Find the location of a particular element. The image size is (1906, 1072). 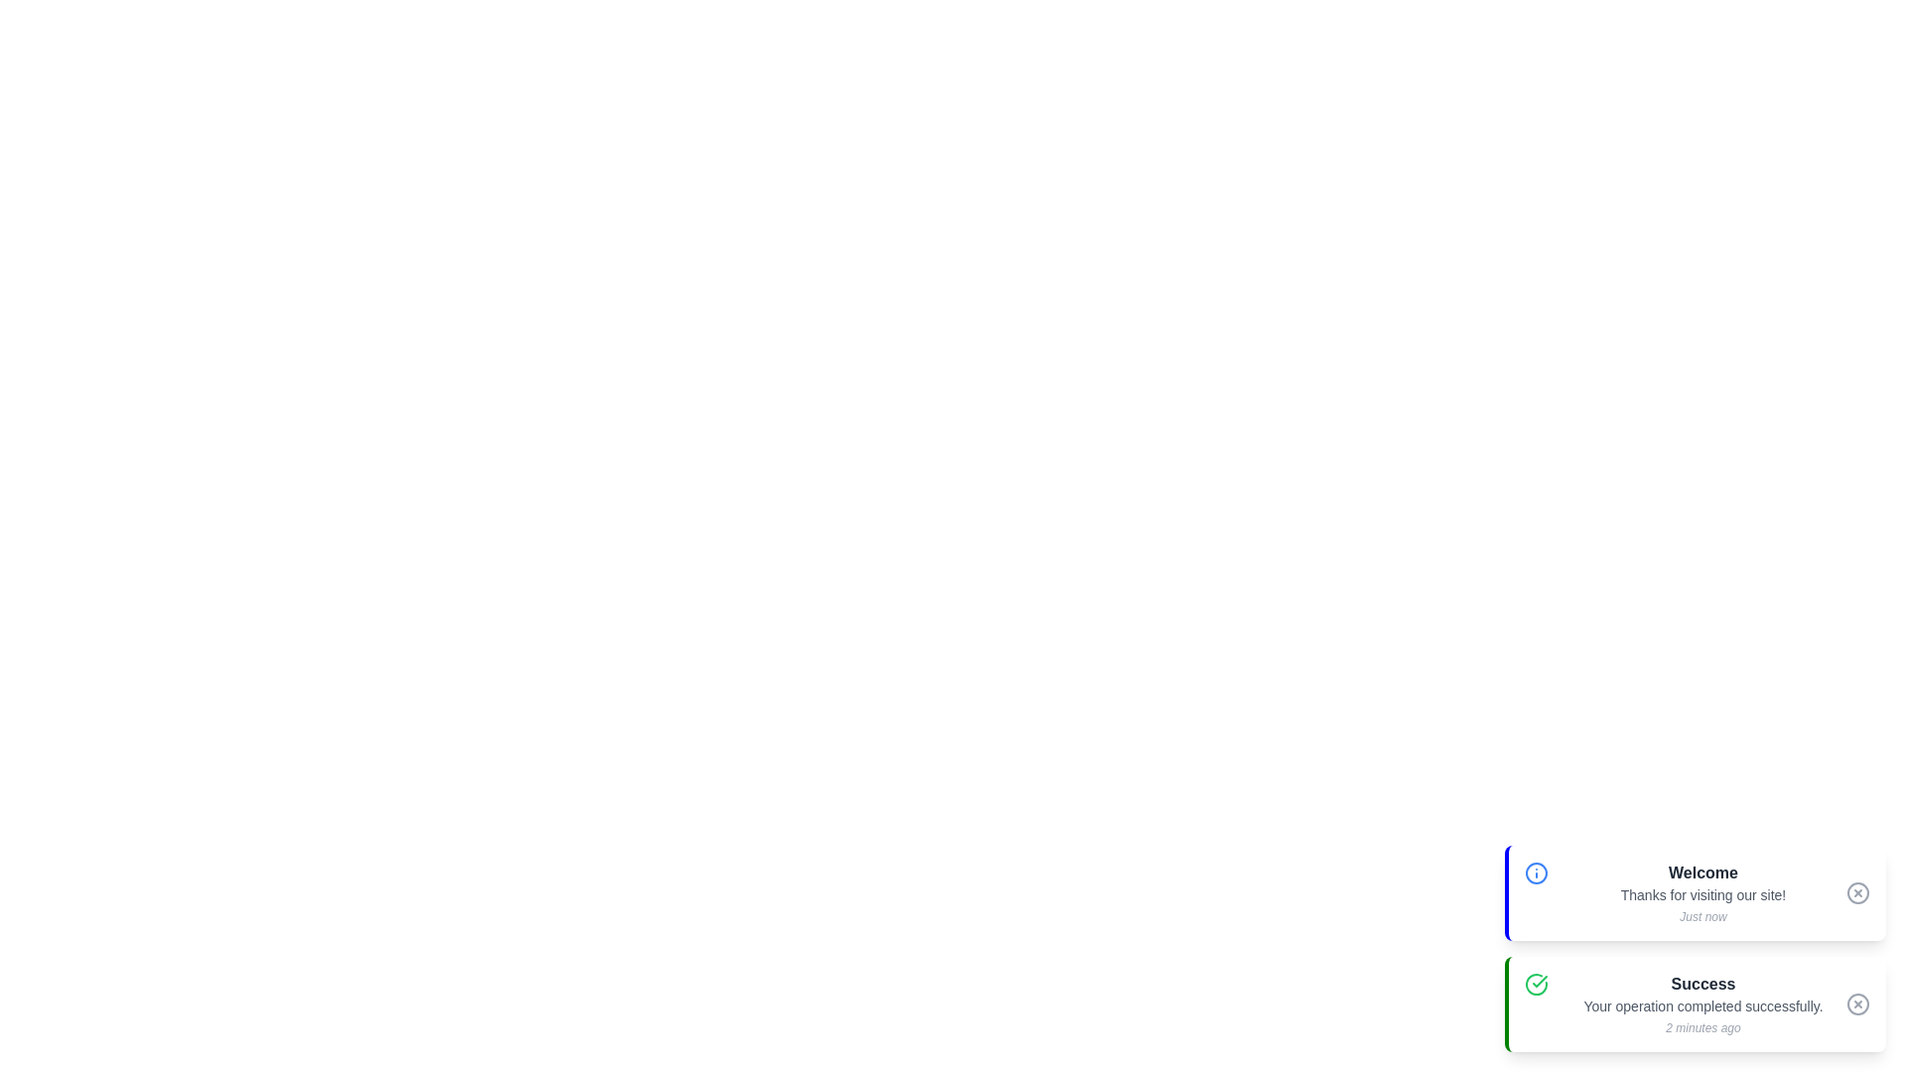

close button of the message with the title Welcome is located at coordinates (1857, 891).